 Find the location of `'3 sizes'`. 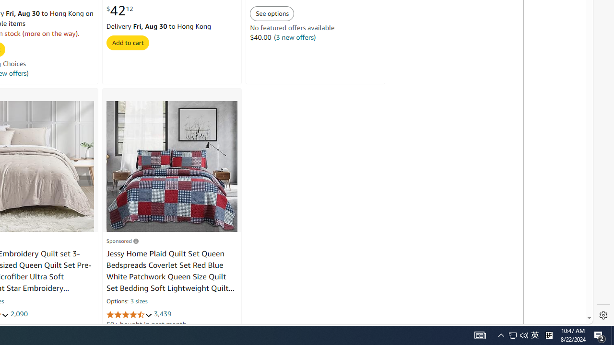

'3 sizes' is located at coordinates (138, 302).